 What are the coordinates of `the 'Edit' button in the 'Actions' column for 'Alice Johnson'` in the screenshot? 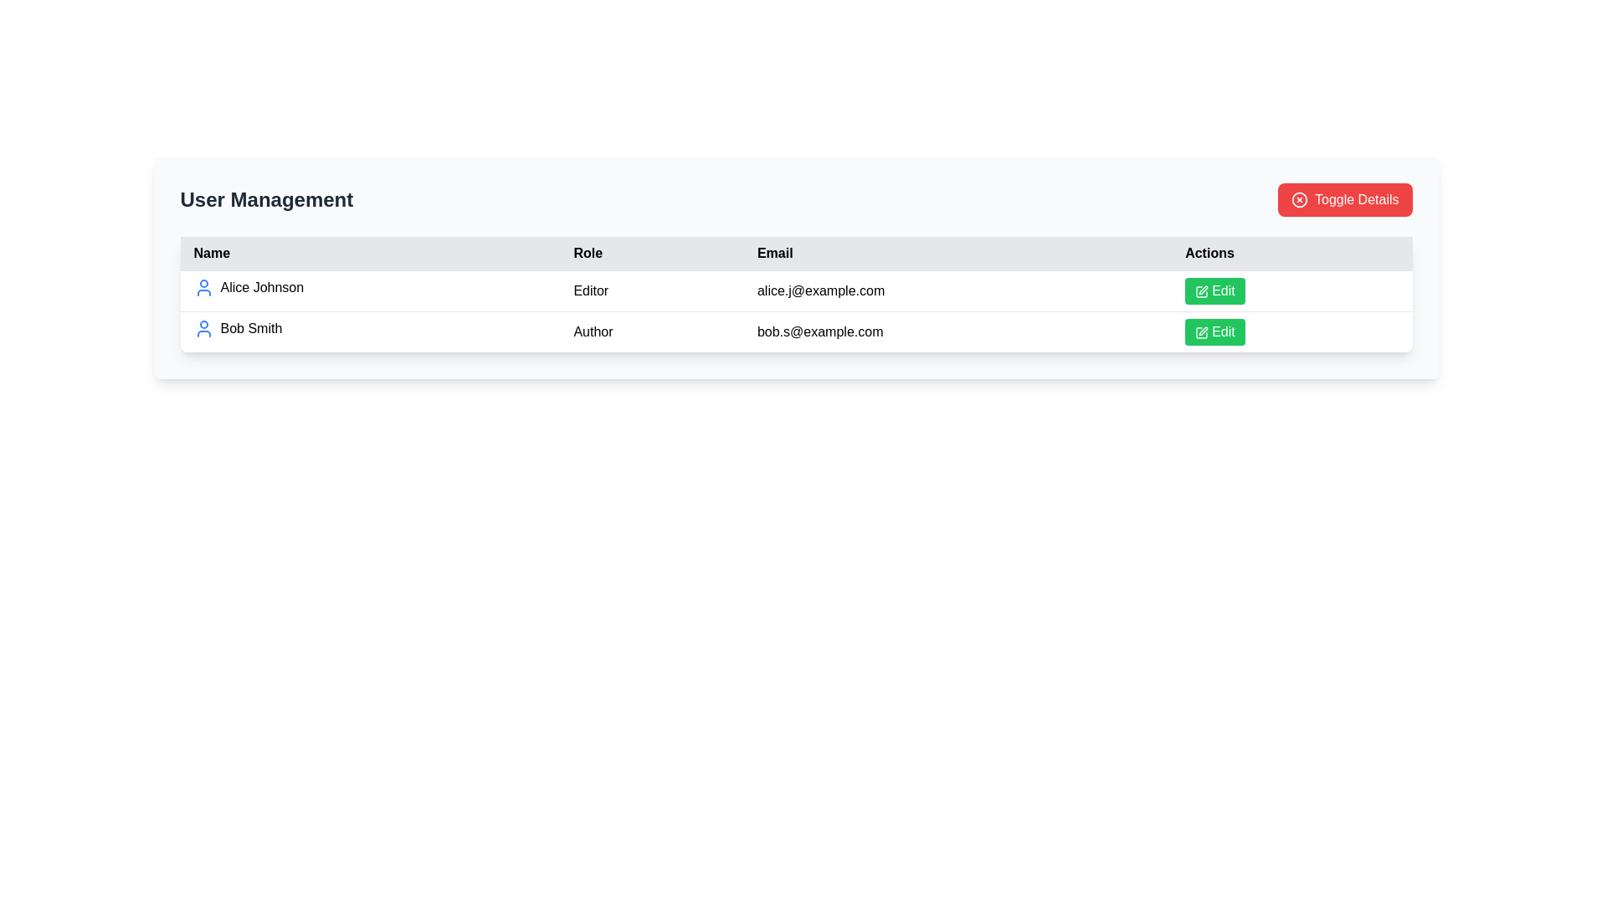 It's located at (1291, 290).